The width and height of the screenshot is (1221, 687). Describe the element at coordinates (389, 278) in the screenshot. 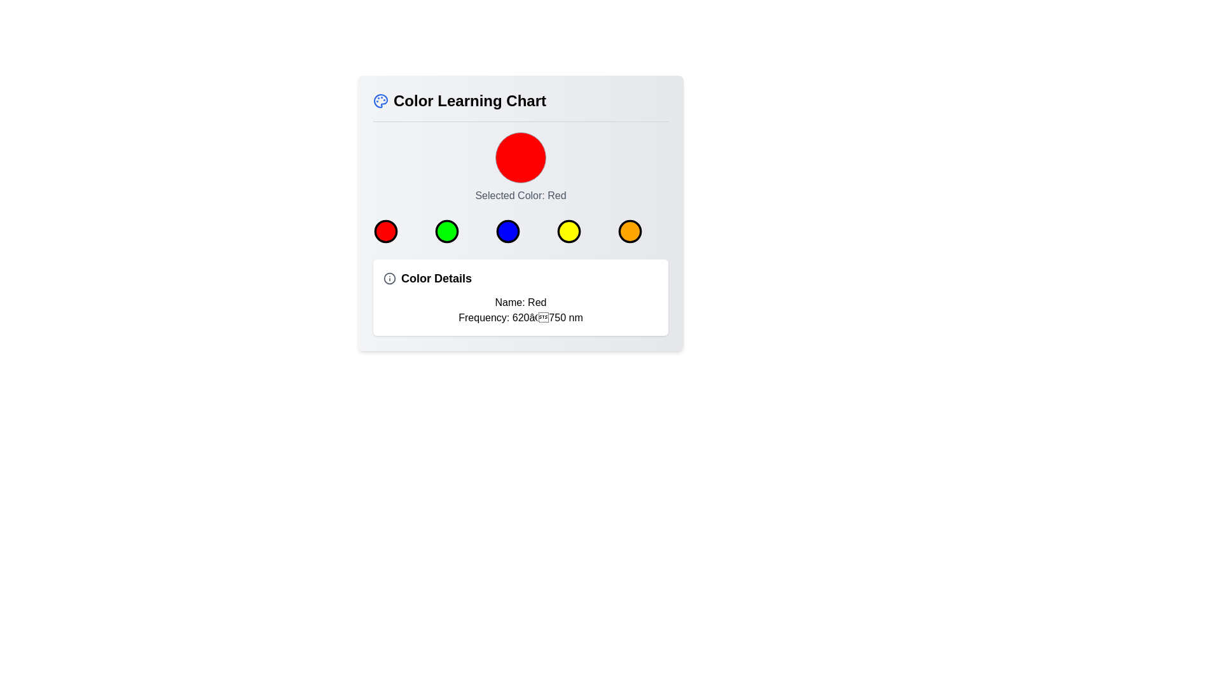

I see `the circular 'i' icon with a thin gray stroke located to the left of the 'Color Details' heading` at that location.